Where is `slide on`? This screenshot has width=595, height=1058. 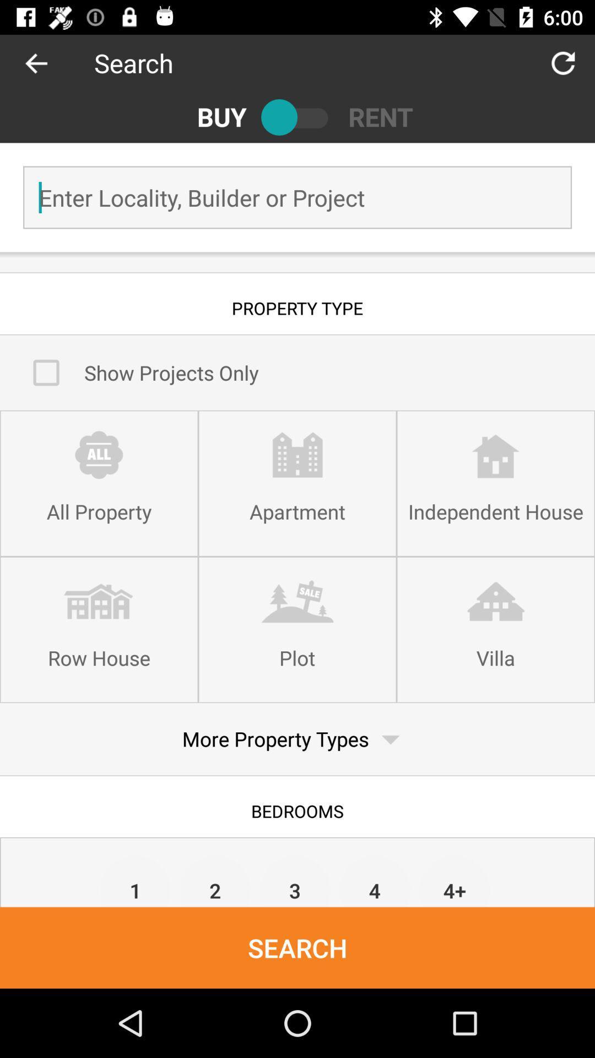 slide on is located at coordinates (297, 117).